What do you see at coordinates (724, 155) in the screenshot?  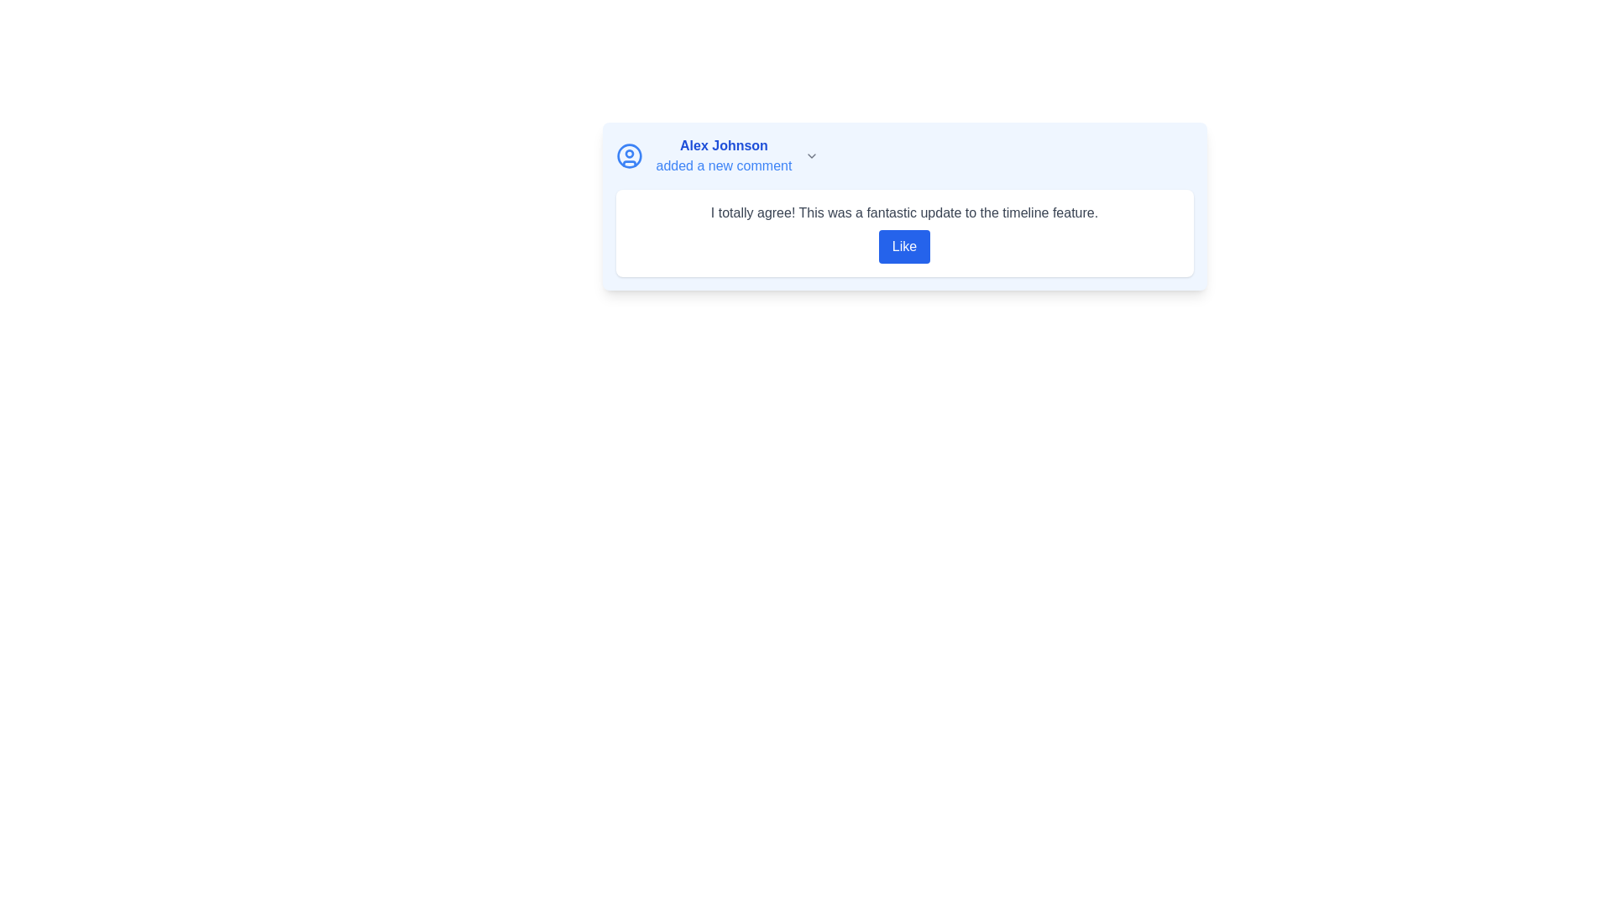 I see `the text element displaying 'Alex Johnson' followed by 'added a new comment' located at the top of a comment card` at bounding box center [724, 155].